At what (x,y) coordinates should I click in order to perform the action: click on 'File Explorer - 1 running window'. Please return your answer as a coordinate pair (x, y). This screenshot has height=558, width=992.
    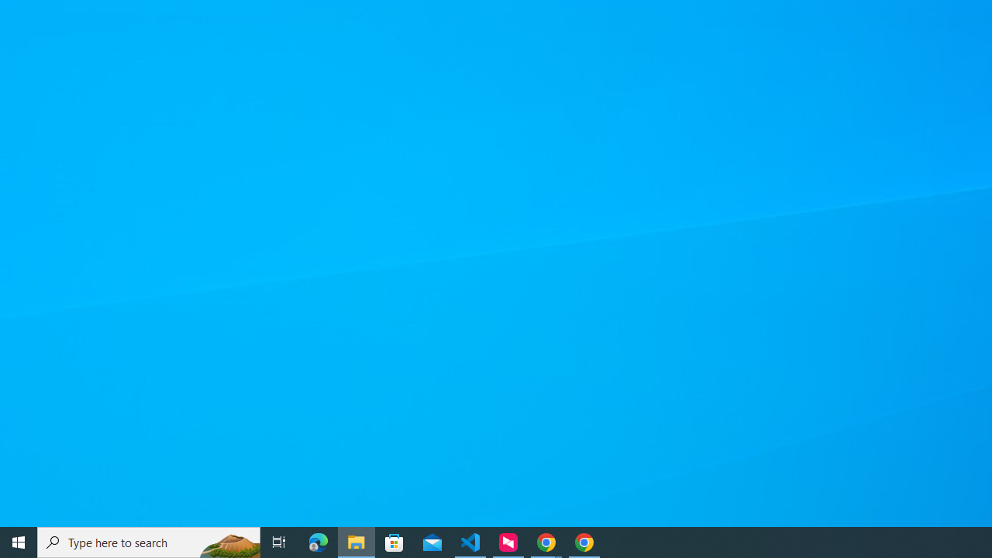
    Looking at the image, I should click on (356, 541).